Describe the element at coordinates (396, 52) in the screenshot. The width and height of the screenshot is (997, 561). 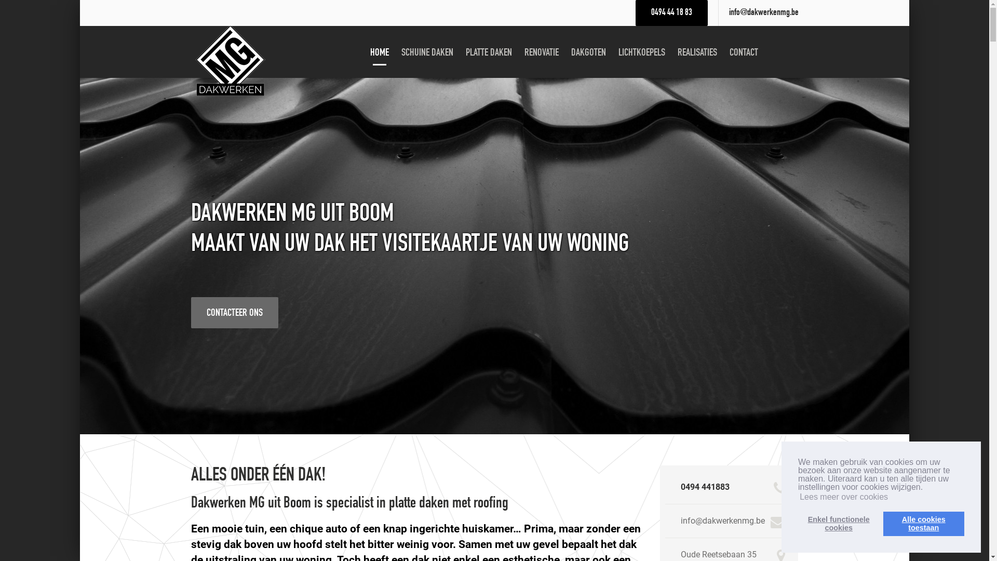
I see `'SCHUINE DAKEN'` at that location.